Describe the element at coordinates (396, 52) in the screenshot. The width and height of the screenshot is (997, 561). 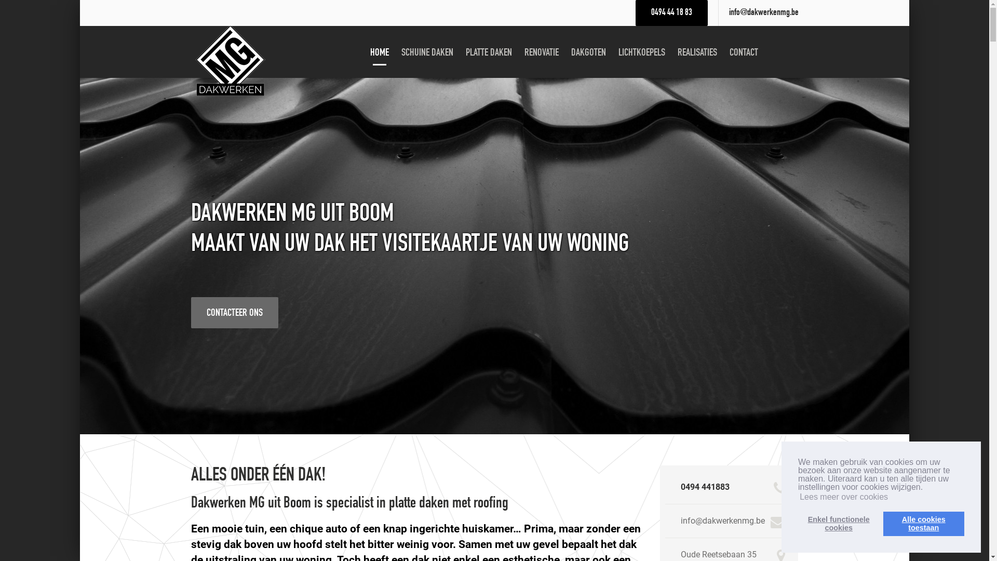
I see `'SCHUINE DAKEN'` at that location.